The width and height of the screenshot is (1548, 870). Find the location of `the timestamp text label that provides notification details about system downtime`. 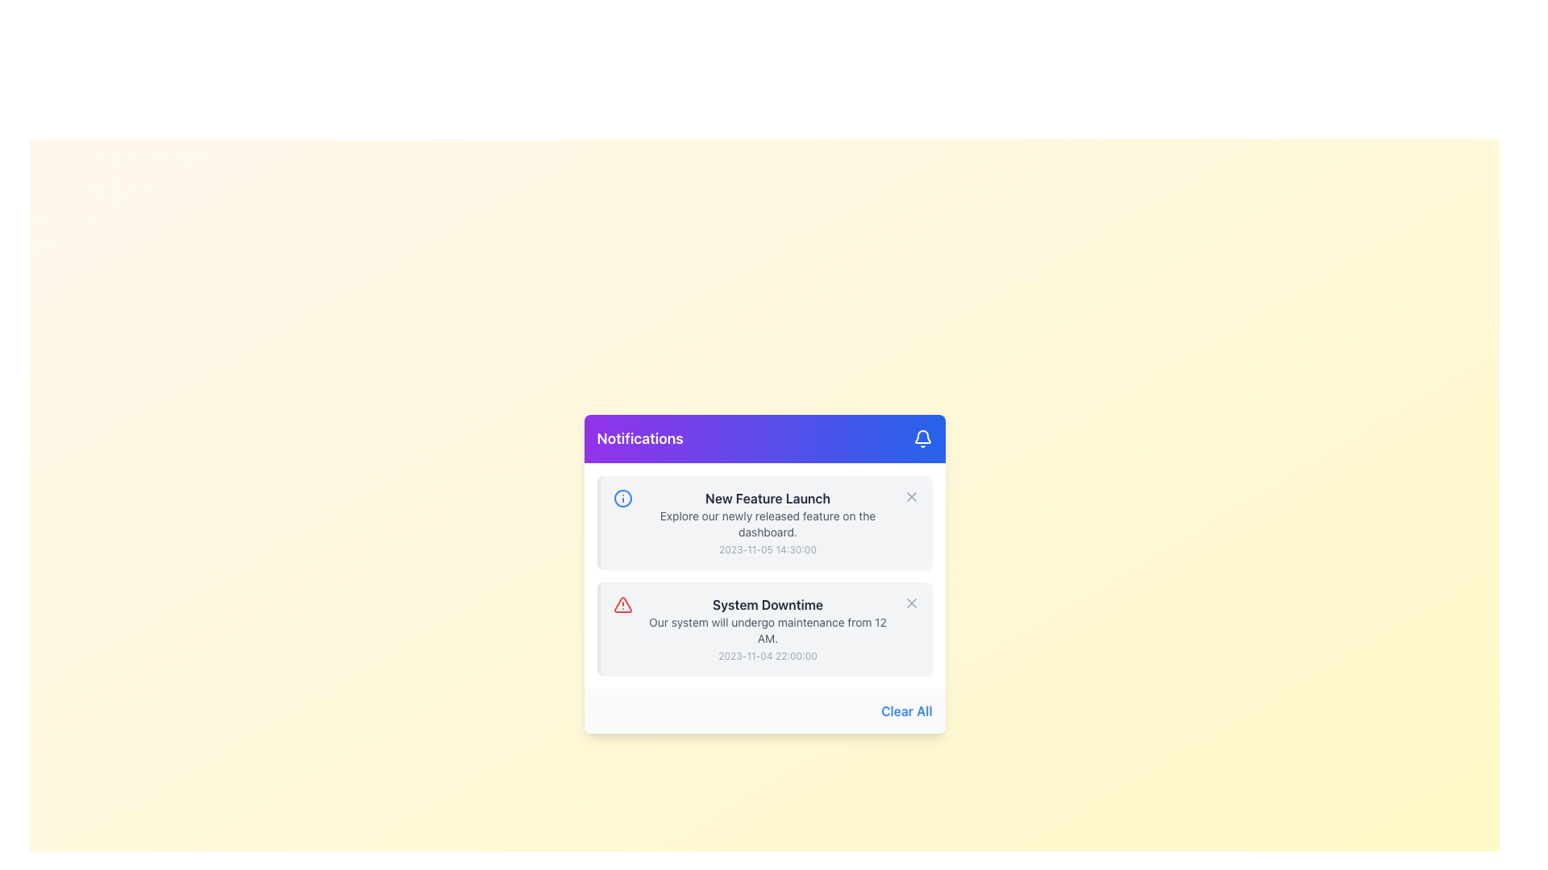

the timestamp text label that provides notification details about system downtime is located at coordinates (767, 656).